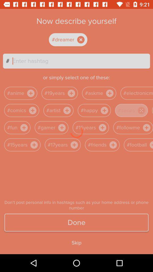  Describe the element at coordinates (81, 61) in the screenshot. I see `the text bar` at that location.